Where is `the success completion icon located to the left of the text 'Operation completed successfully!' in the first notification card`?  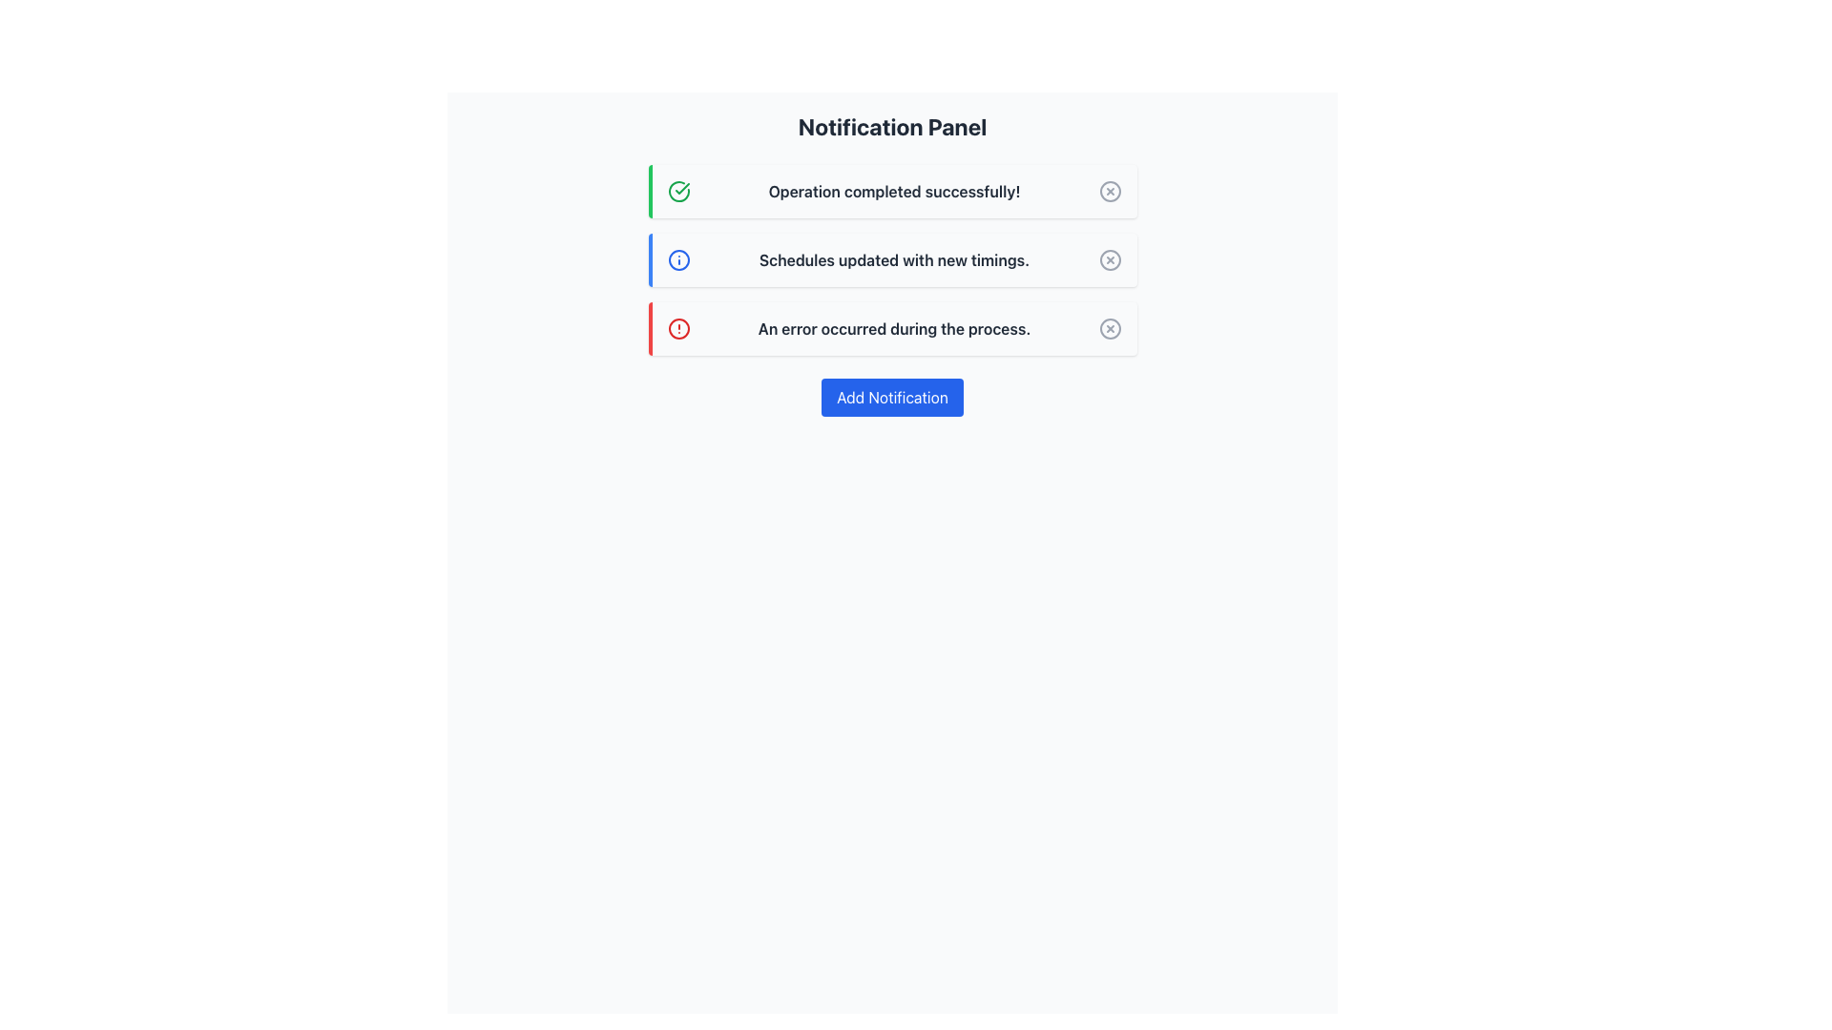
the success completion icon located to the left of the text 'Operation completed successfully!' in the first notification card is located at coordinates (678, 191).